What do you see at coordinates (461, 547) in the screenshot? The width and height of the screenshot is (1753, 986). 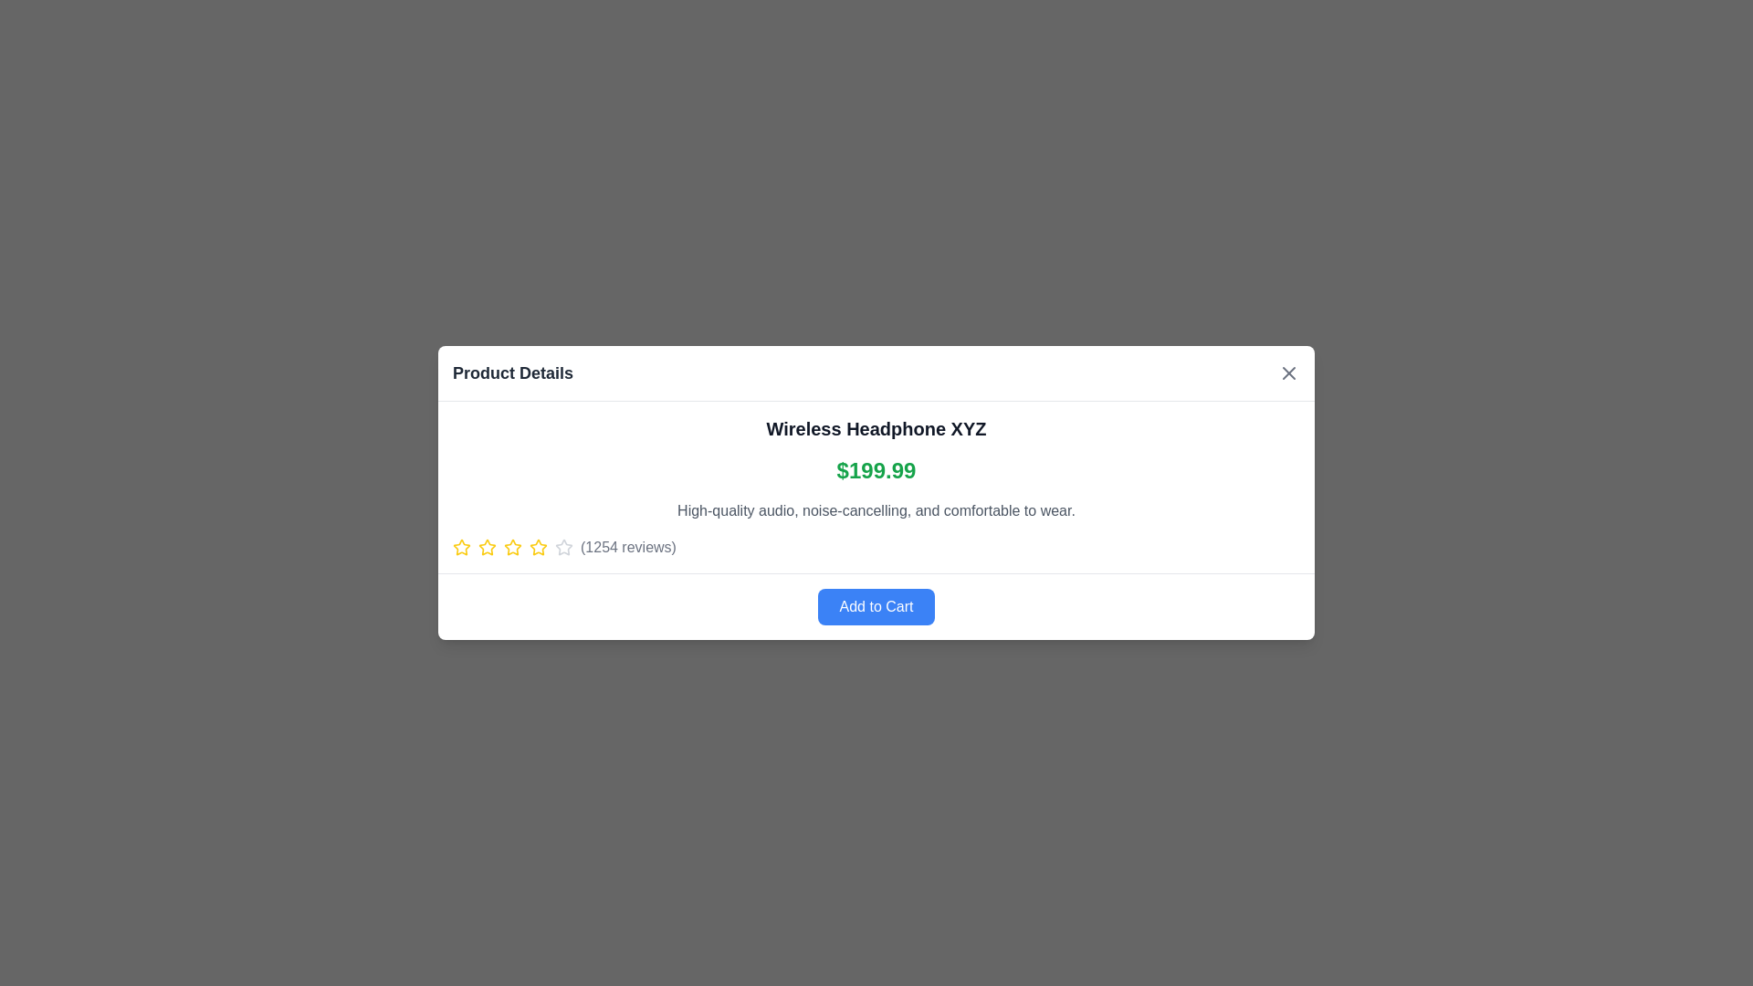 I see `the first star icon in the five-star rating system, which is located immediately before the text '(1254 reviews)'` at bounding box center [461, 547].